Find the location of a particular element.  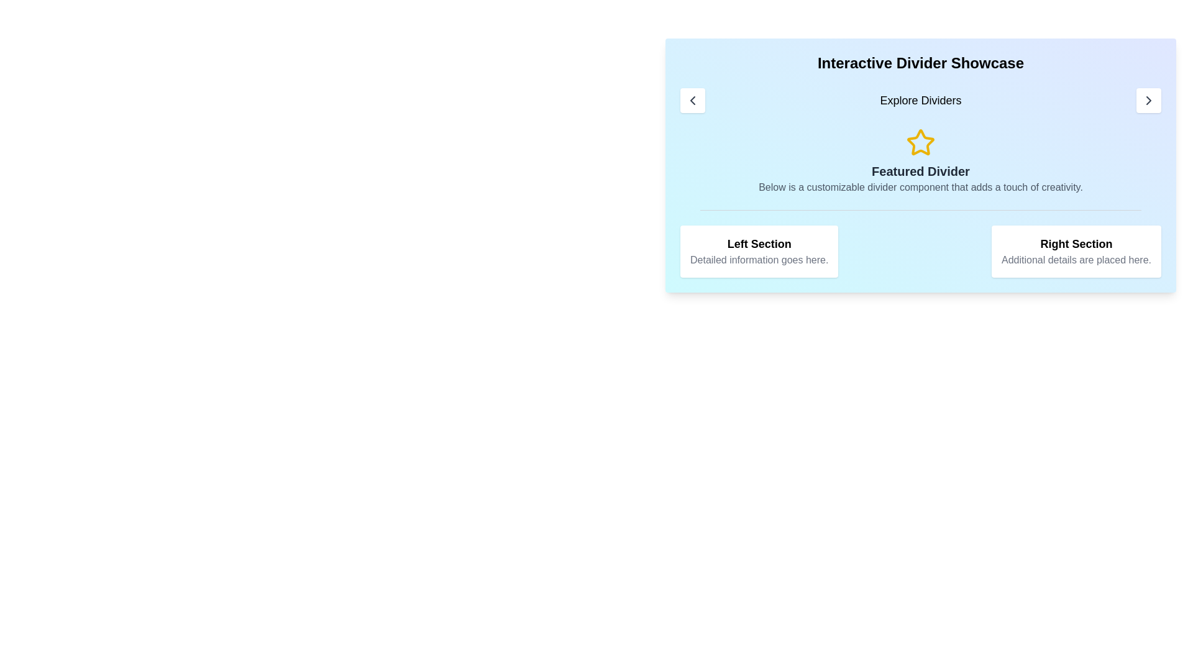

the text label that serves as a title or header for the surrounding content, positioned centrally between two navigational chevrons is located at coordinates (921, 100).